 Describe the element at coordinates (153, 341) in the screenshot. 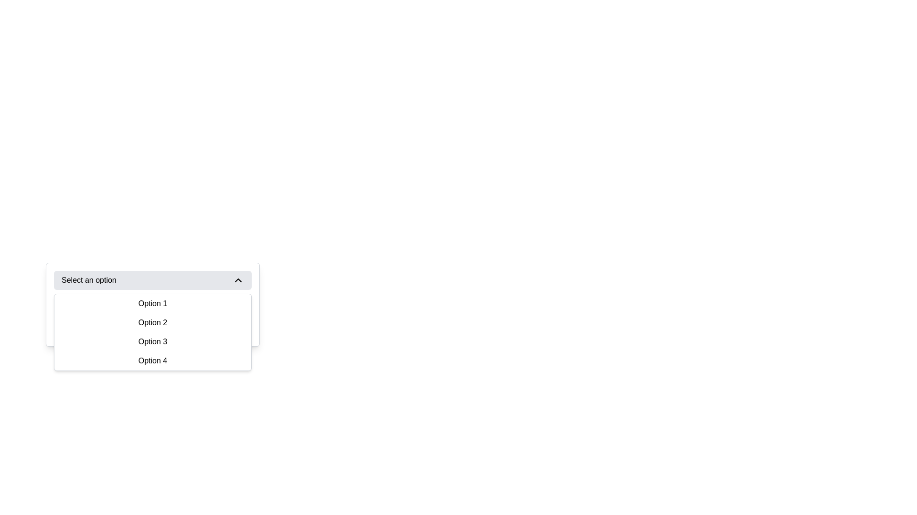

I see `the third item in the dropdown menu` at that location.